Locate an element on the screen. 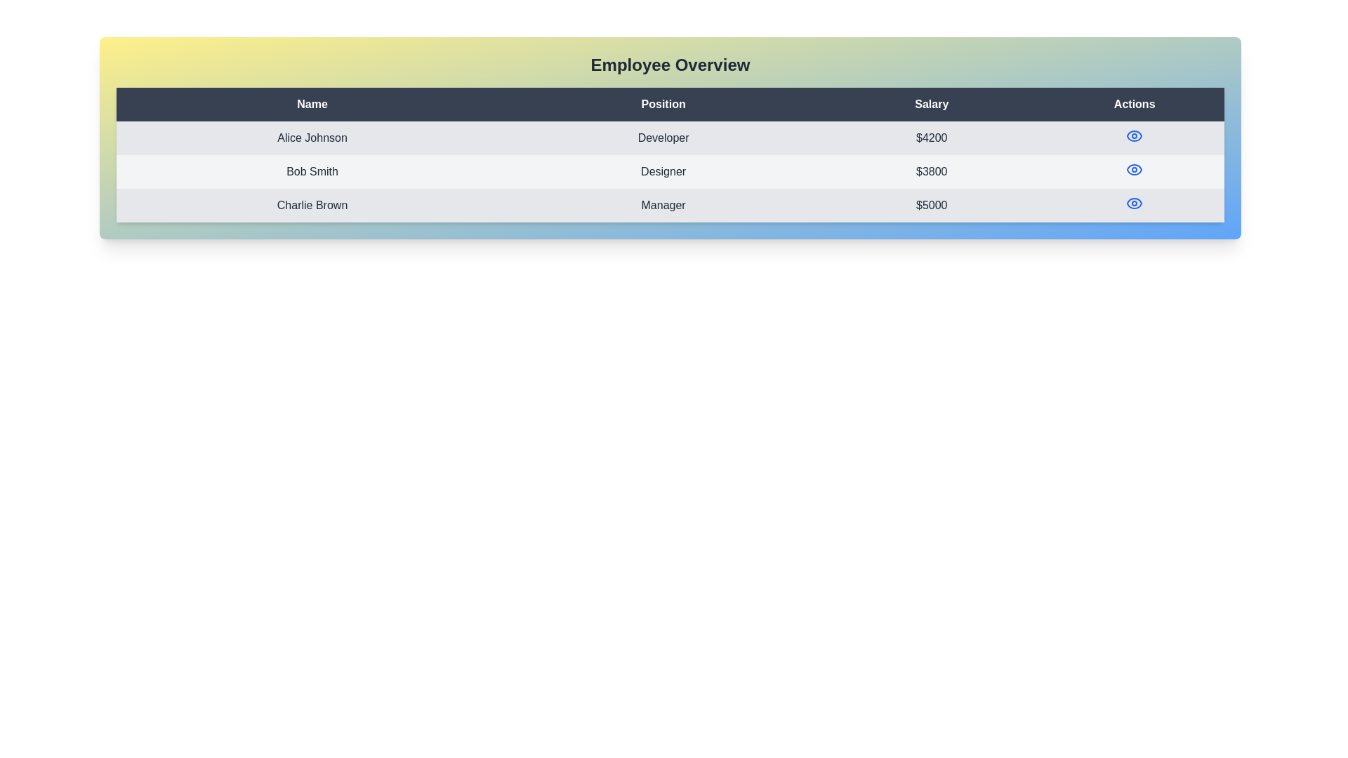 This screenshot has width=1348, height=758. the 'Name' text label in the table header, which is displayed in white color with bold styling on a dark gray background, located in the top-left corner of the header row is located at coordinates (312, 104).